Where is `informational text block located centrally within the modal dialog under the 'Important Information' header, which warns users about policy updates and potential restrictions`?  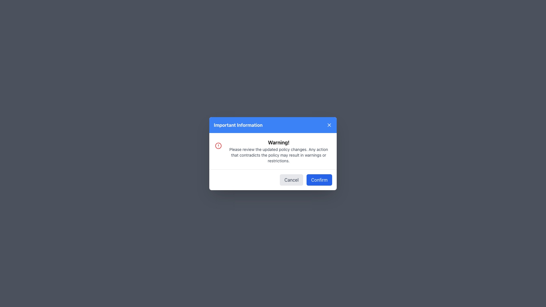
informational text block located centrally within the modal dialog under the 'Important Information' header, which warns users about policy updates and potential restrictions is located at coordinates (278, 151).